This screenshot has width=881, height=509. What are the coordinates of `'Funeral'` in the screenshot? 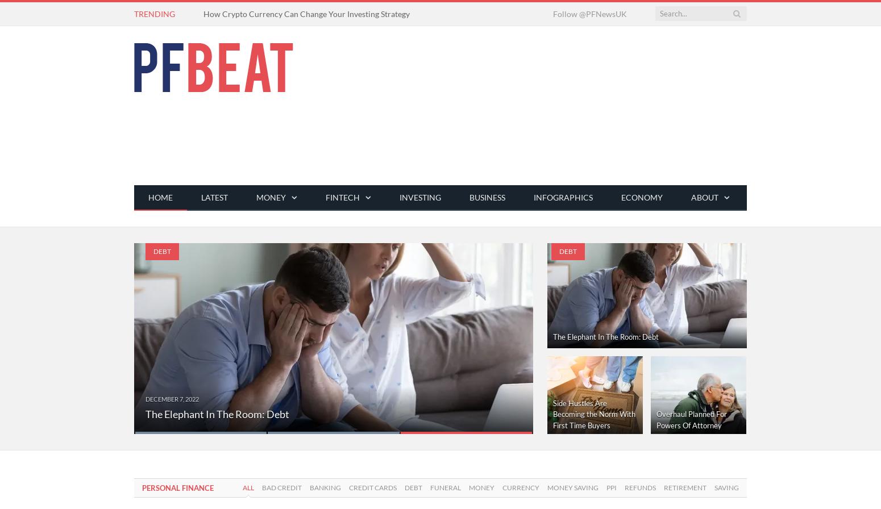 It's located at (430, 487).